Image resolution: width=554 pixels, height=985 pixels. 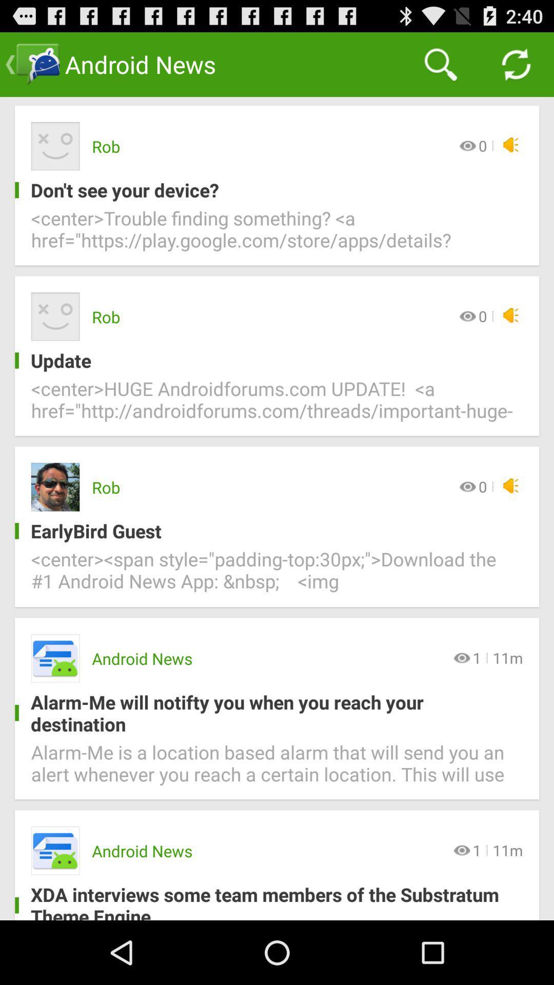 I want to click on the icon to the right of android news, so click(x=440, y=64).